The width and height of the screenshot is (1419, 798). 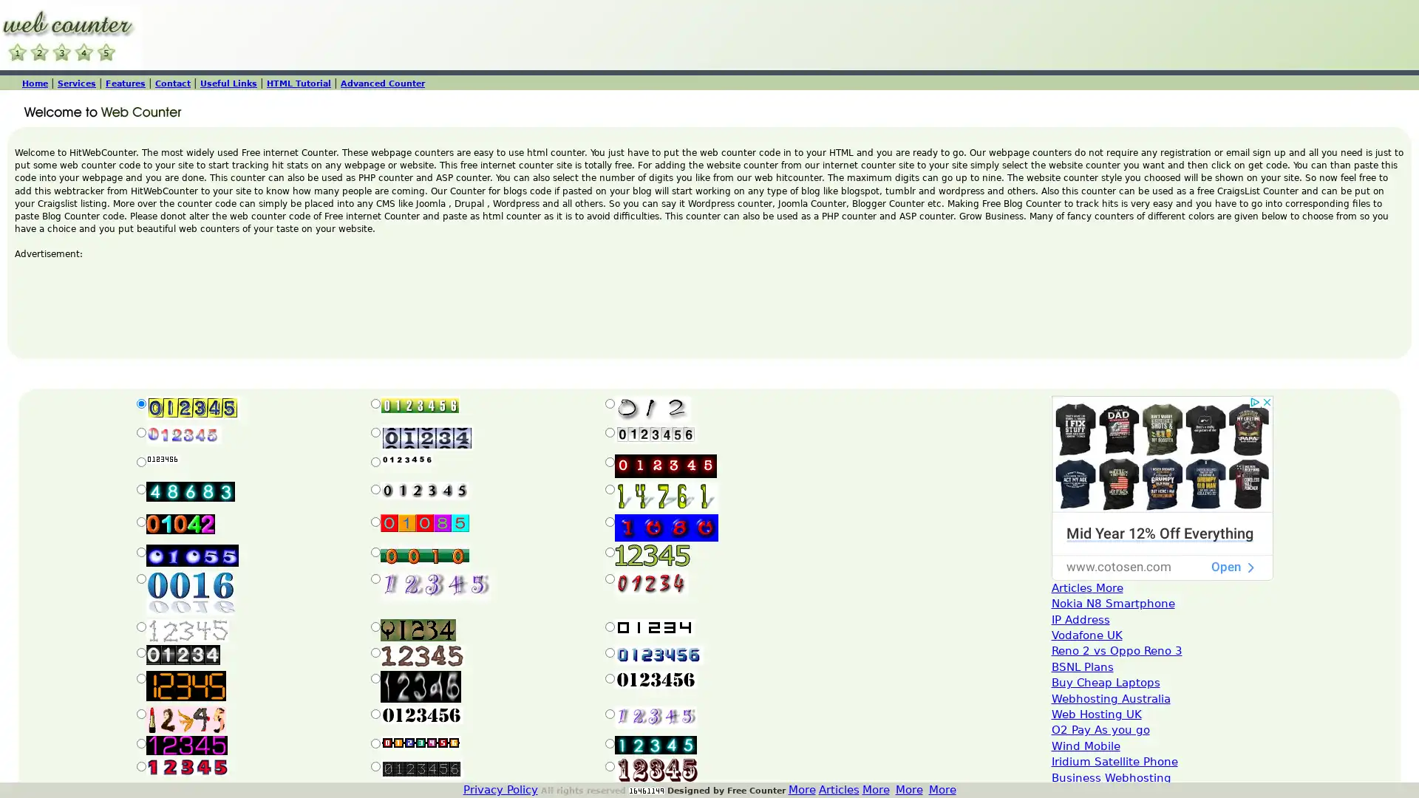 I want to click on Submit, so click(x=421, y=768).